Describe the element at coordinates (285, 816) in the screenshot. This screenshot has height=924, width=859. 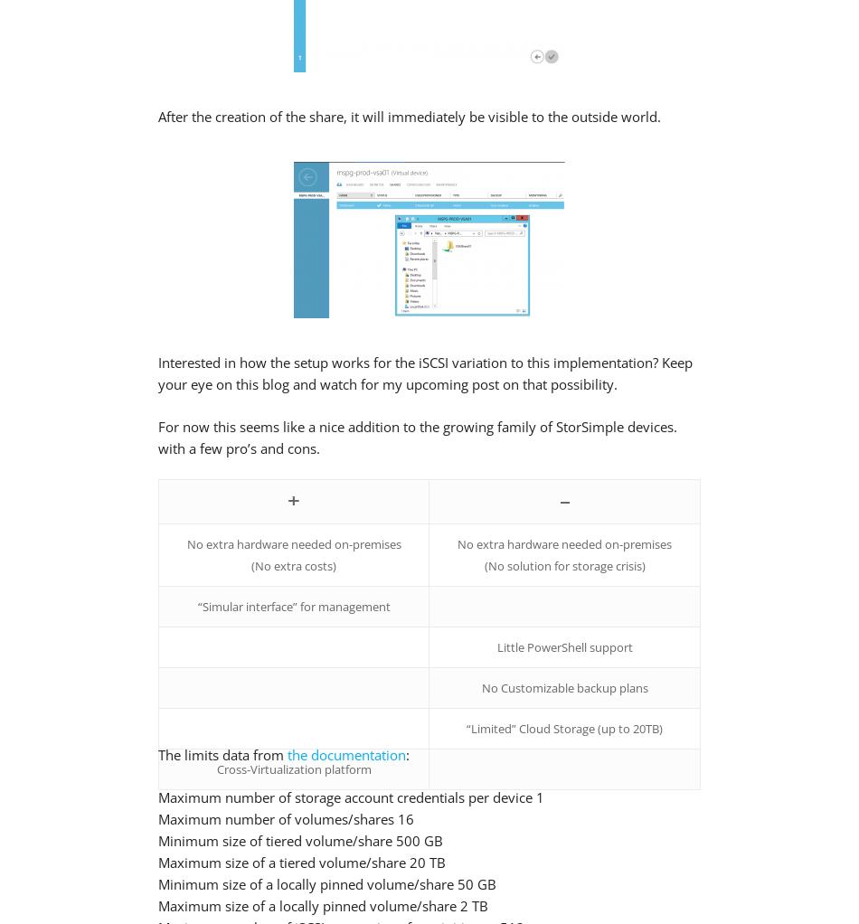
I see `'Maximum number of volumes/shares 16'` at that location.